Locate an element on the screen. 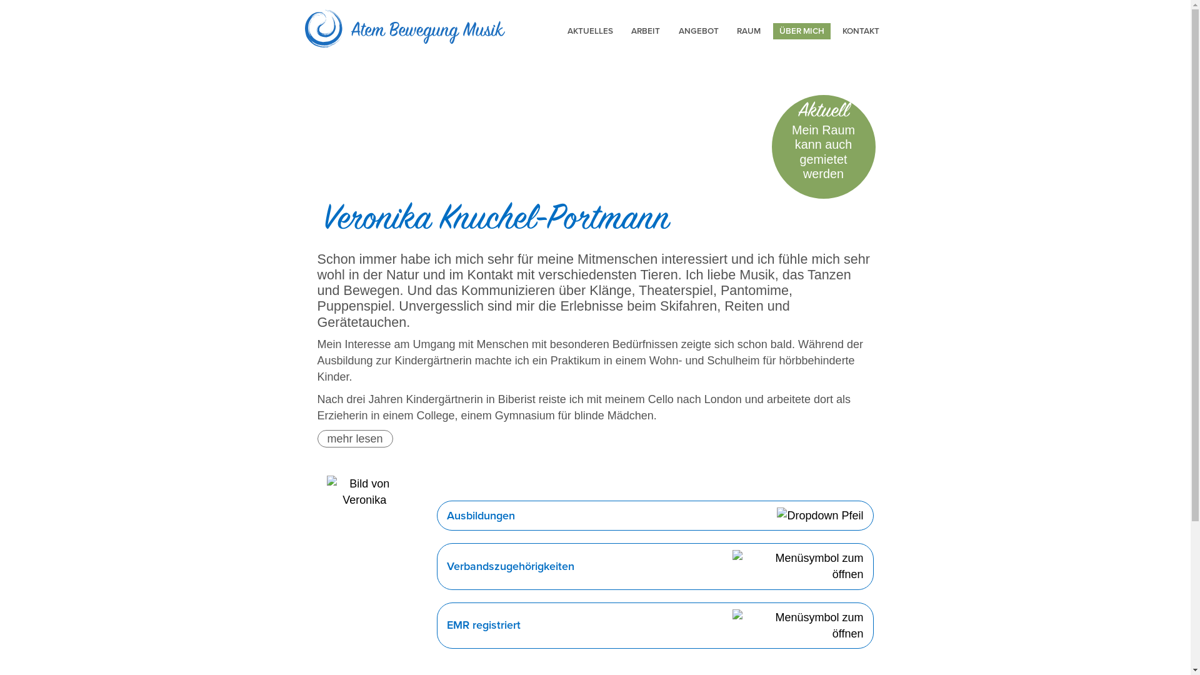  'ANGEBOT' is located at coordinates (698, 31).